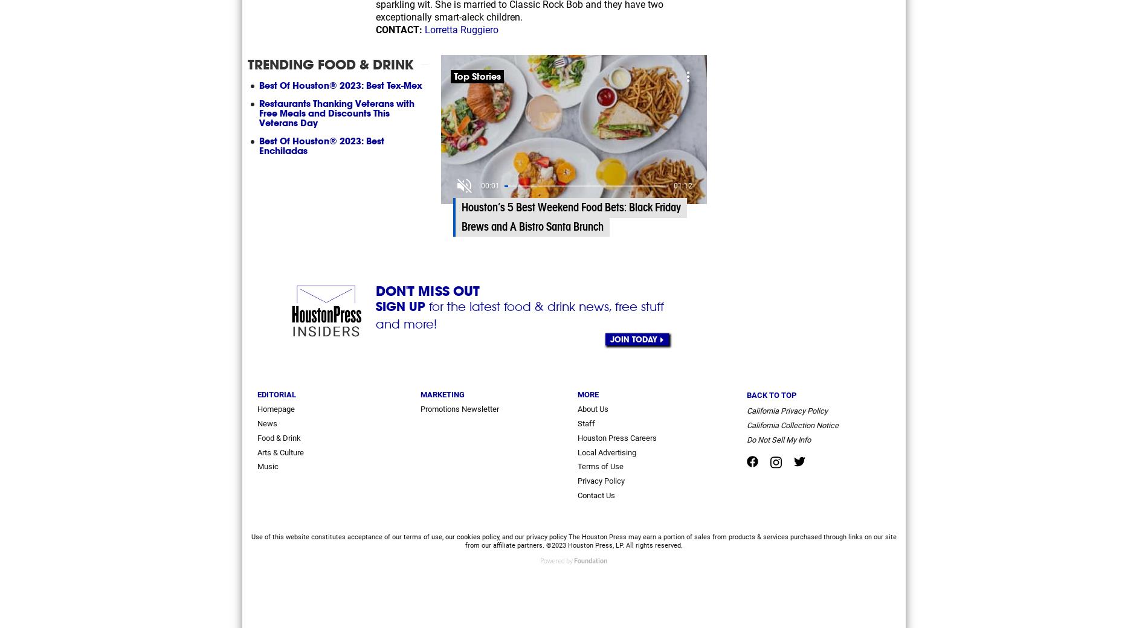  What do you see at coordinates (443, 536) in the screenshot?
I see `','` at bounding box center [443, 536].